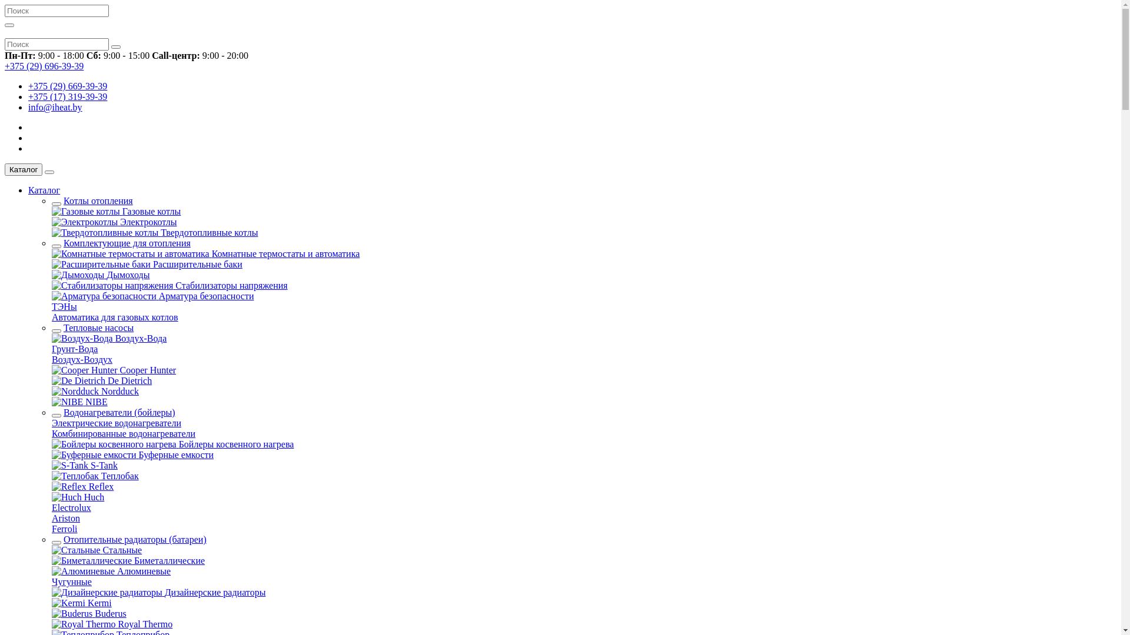 Image resolution: width=1130 pixels, height=635 pixels. I want to click on 'Kermi', so click(81, 603).